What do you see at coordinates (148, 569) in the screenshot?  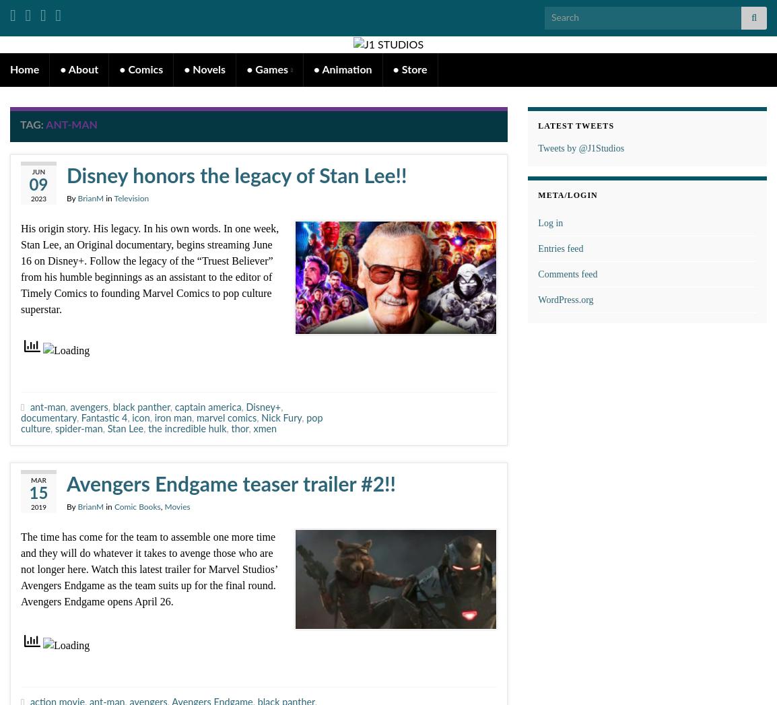 I see `'The time has come for the team to assemble one more time and they will do whatever it takes to avenge those who are not longer here. Watch this latest trailer for Marvel Studios’ Avengers Endgame as the team suits up for the final round. Avengers Endgame opens April 26.'` at bounding box center [148, 569].